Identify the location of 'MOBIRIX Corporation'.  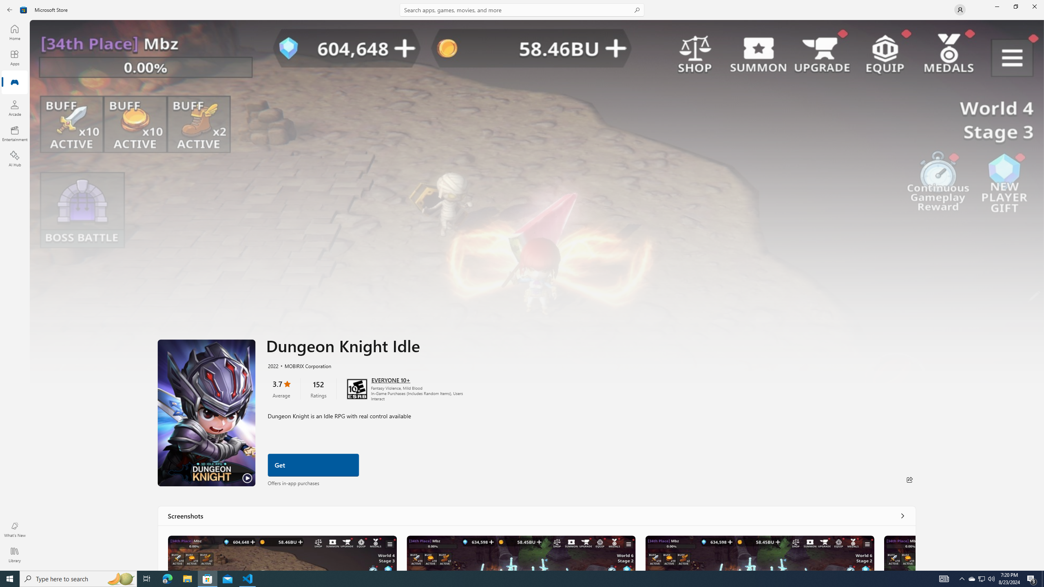
(304, 365).